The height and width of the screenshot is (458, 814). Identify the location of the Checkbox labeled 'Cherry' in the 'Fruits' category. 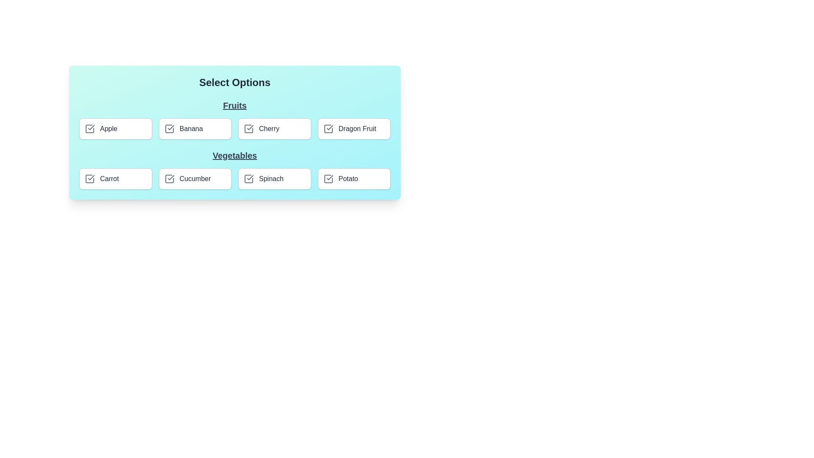
(274, 129).